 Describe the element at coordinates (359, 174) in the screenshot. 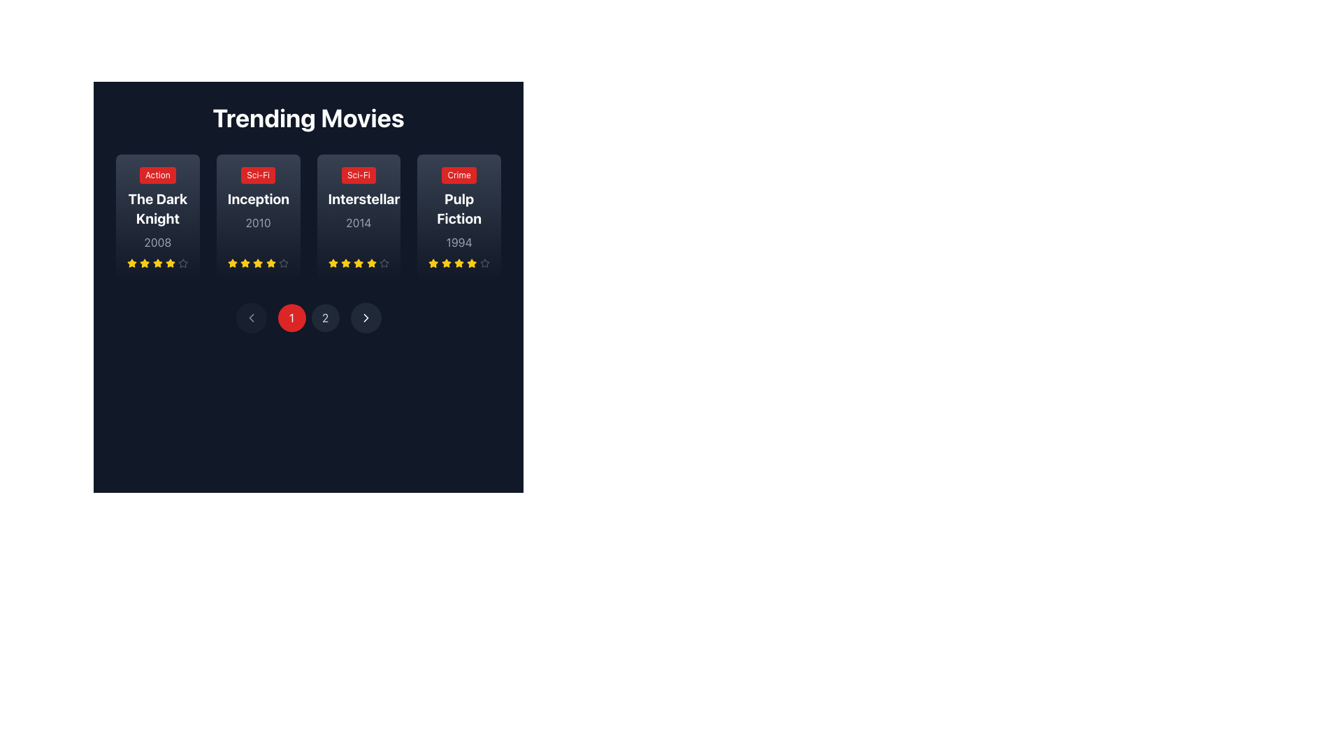

I see `the compact rectangular text label with a red background and white bold text reading 'Sci-Fi', located at the top-left corner of the movie card for 'Interstellar' (2014) in the 'Trending Movies' section` at that location.